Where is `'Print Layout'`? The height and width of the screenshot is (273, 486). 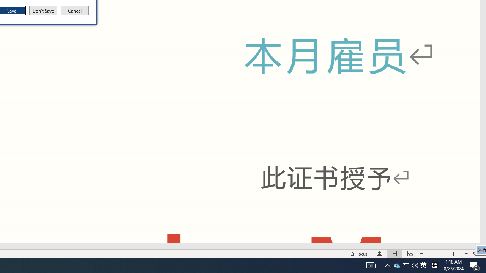 'Print Layout' is located at coordinates (395, 254).